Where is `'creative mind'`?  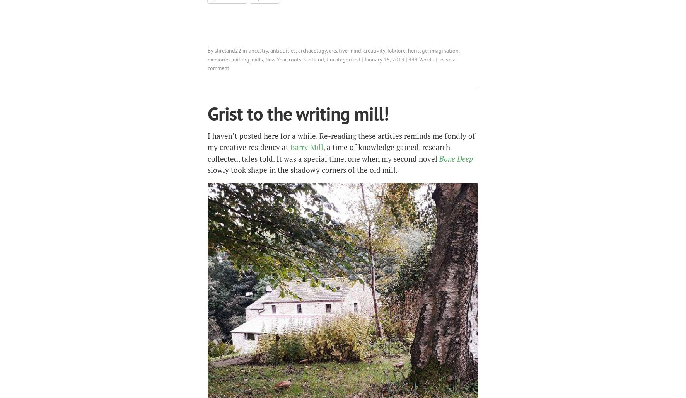 'creative mind' is located at coordinates (345, 50).